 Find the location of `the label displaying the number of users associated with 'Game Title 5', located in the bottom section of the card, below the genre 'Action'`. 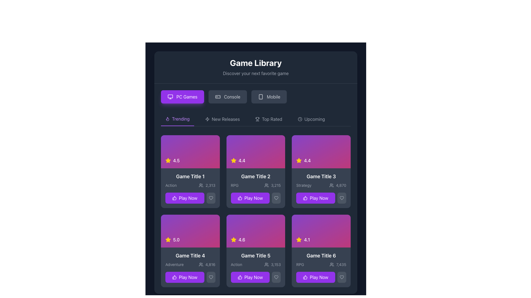

the label displaying the number of users associated with 'Game Title 5', located in the bottom section of the card, below the genre 'Action' is located at coordinates (272, 264).